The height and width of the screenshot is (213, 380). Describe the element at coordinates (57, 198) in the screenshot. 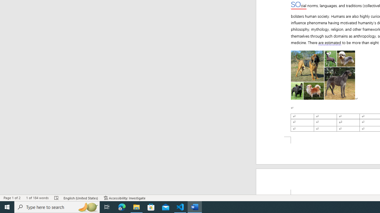

I see `'Spelling and Grammar Check Errors'` at that location.